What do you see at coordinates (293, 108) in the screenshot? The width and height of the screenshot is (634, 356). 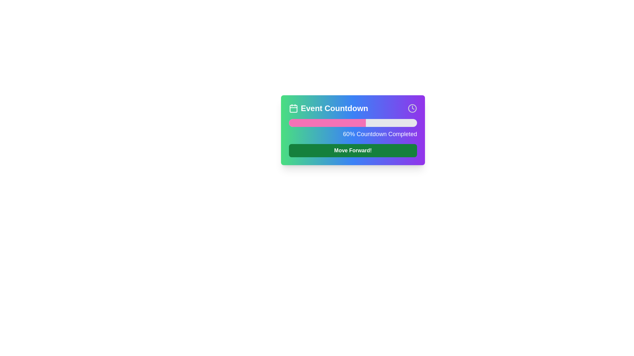 I see `the calendar icon located to the left of the 'Event Countdown' text` at bounding box center [293, 108].